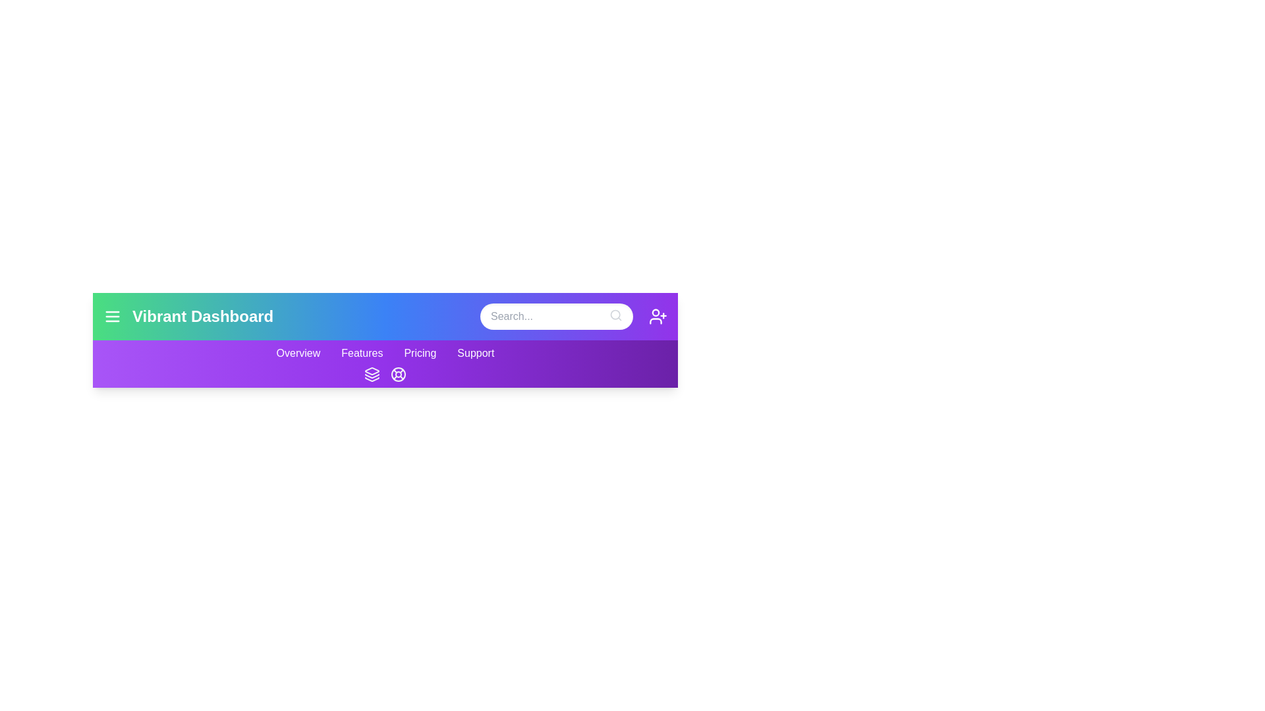 The image size is (1265, 711). Describe the element at coordinates (658, 317) in the screenshot. I see `the user addition icon to add a new user` at that location.